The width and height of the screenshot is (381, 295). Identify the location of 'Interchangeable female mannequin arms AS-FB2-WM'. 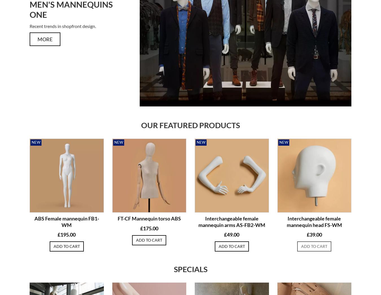
(231, 222).